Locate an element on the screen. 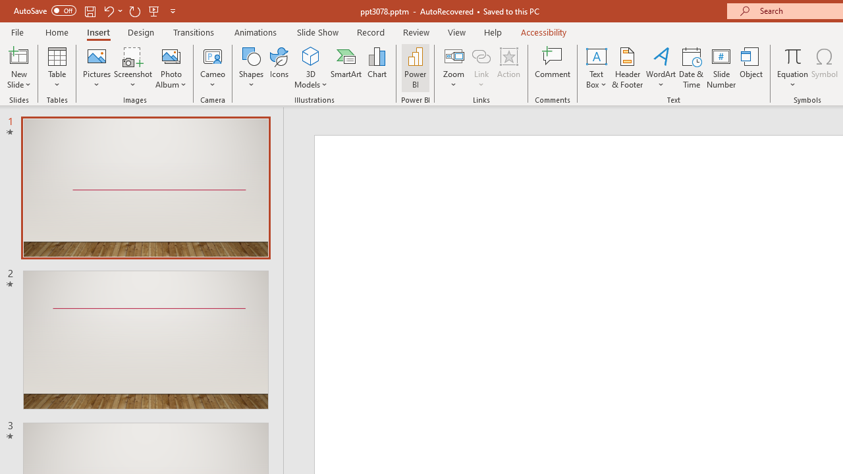 This screenshot has width=843, height=474. 'Icons' is located at coordinates (279, 68).